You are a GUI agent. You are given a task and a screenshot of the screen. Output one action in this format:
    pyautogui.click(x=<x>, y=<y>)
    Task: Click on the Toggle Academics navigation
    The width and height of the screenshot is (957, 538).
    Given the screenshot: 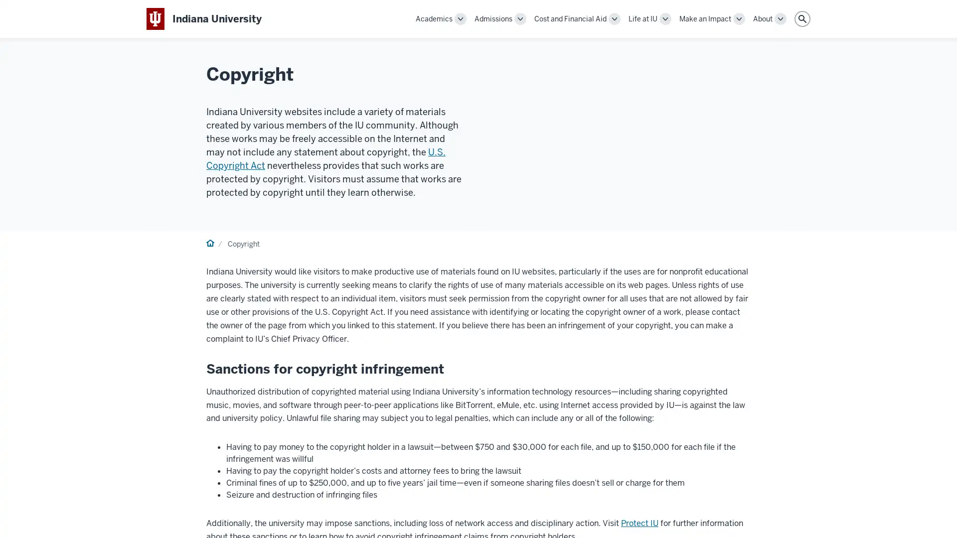 What is the action you would take?
    pyautogui.click(x=460, y=19)
    